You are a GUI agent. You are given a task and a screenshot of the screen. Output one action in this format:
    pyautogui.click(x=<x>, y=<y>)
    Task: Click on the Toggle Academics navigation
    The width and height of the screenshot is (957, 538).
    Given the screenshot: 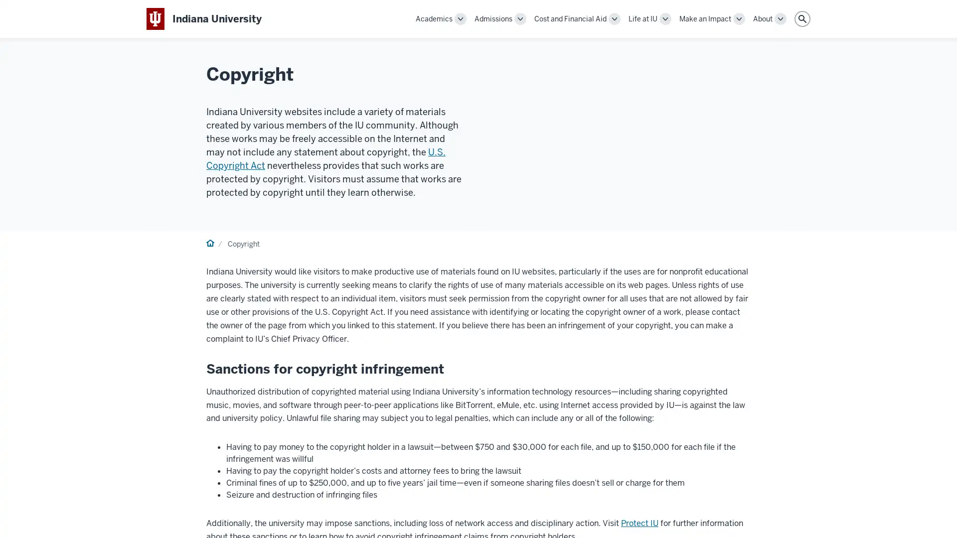 What is the action you would take?
    pyautogui.click(x=460, y=19)
    